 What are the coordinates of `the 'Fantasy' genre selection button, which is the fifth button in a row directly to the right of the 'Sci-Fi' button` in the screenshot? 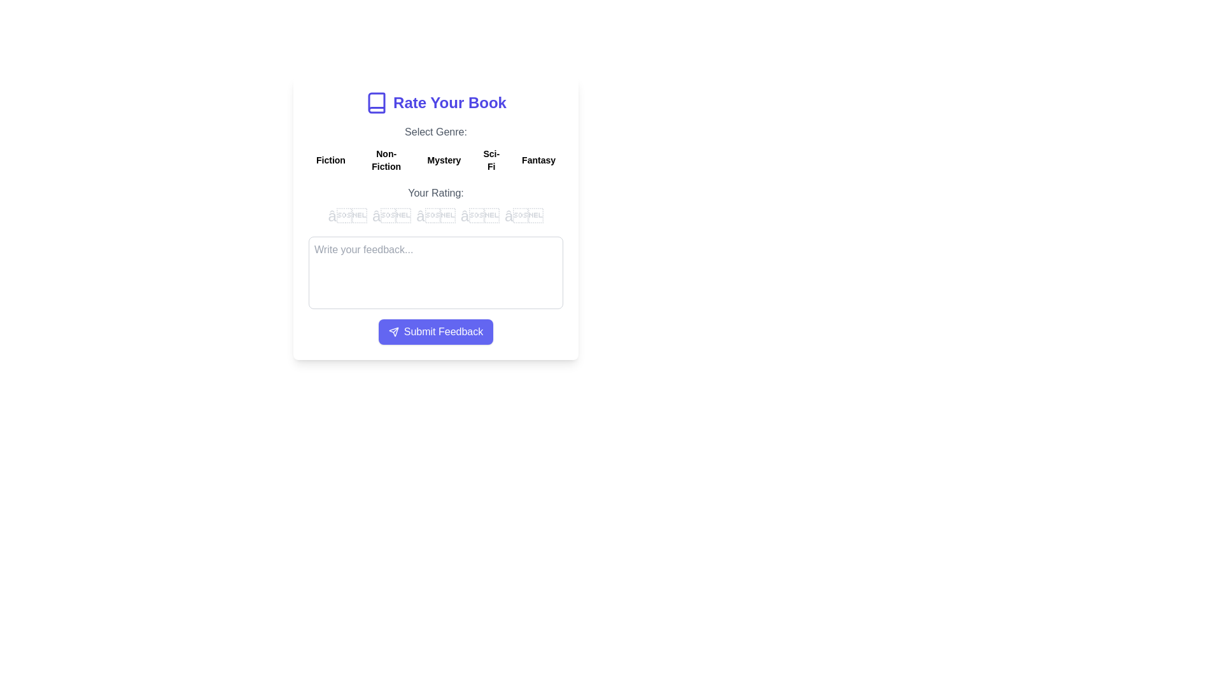 It's located at (538, 159).